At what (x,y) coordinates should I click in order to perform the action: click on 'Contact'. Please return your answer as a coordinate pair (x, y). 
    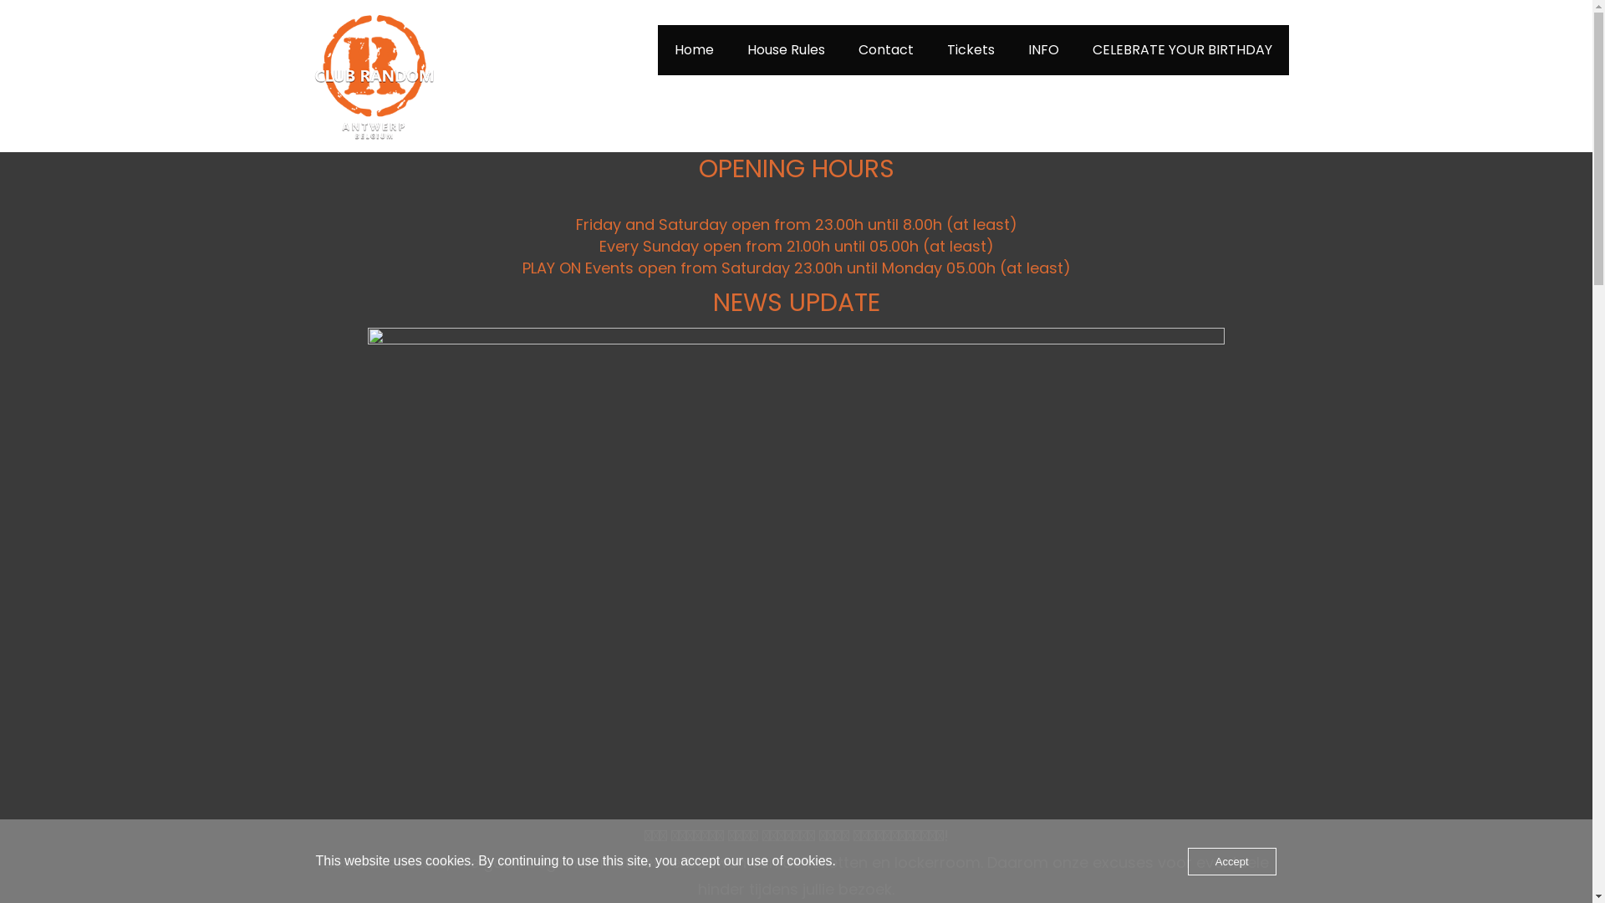
    Looking at the image, I should click on (842, 49).